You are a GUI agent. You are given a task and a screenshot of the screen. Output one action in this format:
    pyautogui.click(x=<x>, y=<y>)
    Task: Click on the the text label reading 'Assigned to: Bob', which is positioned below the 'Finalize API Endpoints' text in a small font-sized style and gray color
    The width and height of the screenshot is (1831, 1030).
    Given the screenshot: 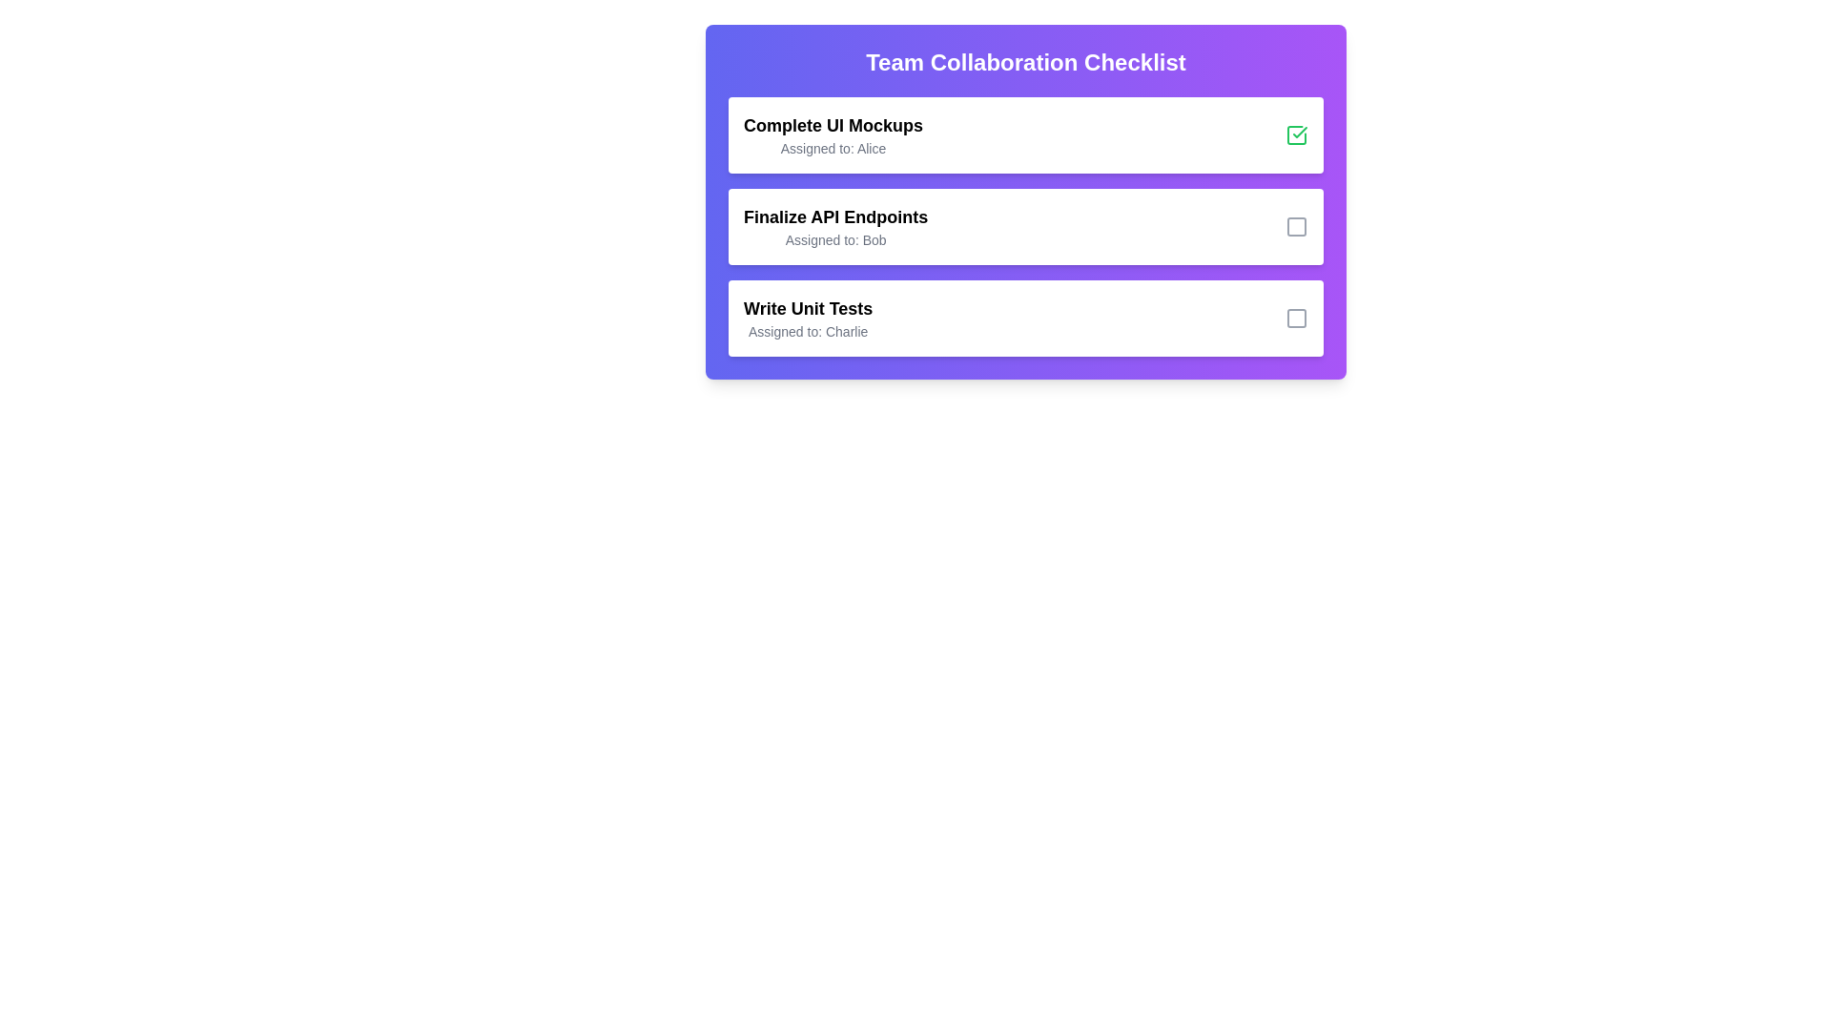 What is the action you would take?
    pyautogui.click(x=835, y=238)
    